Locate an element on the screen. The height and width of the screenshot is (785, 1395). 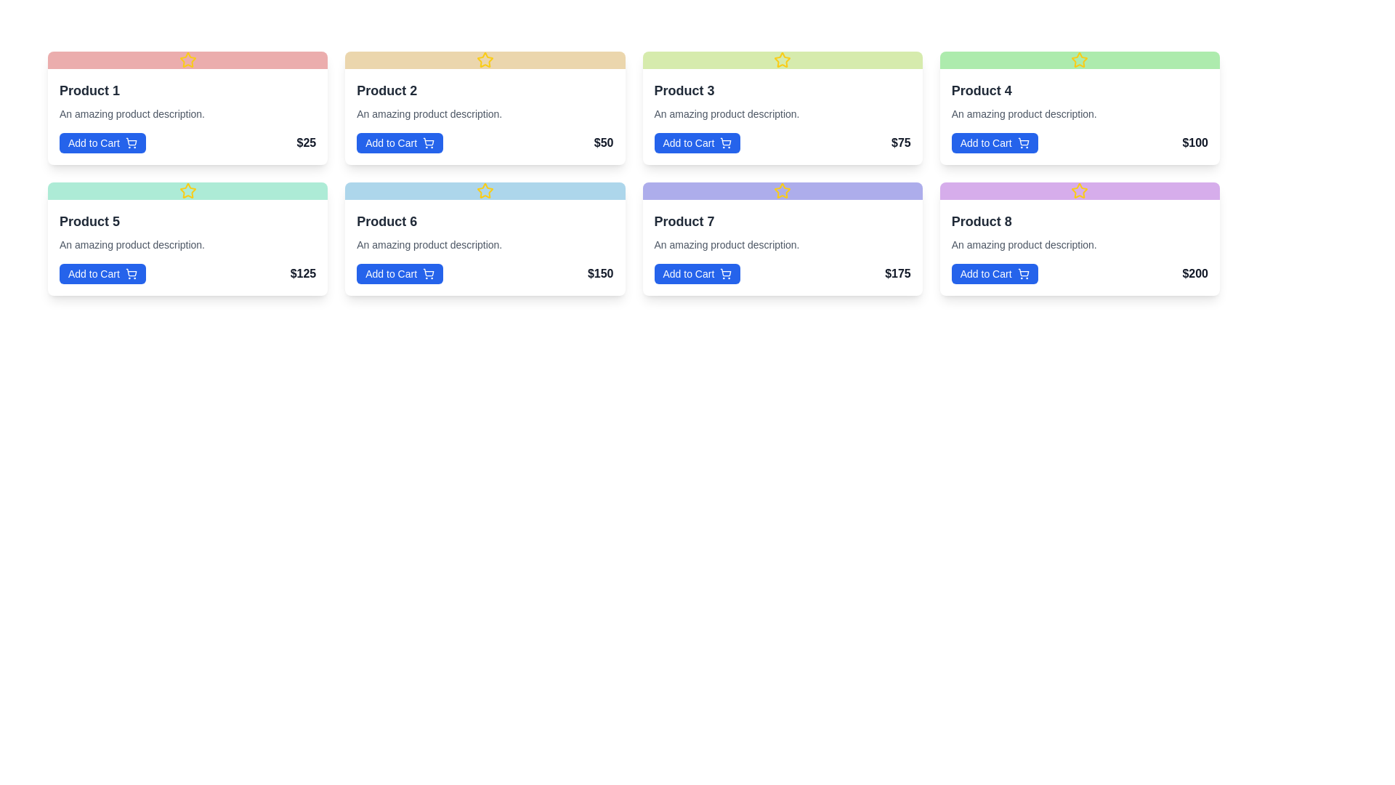
text from the title label of 'Product 4' card, which is positioned at the top of the card layout, directly above the product description and 'Add to Cart' button is located at coordinates (982, 90).